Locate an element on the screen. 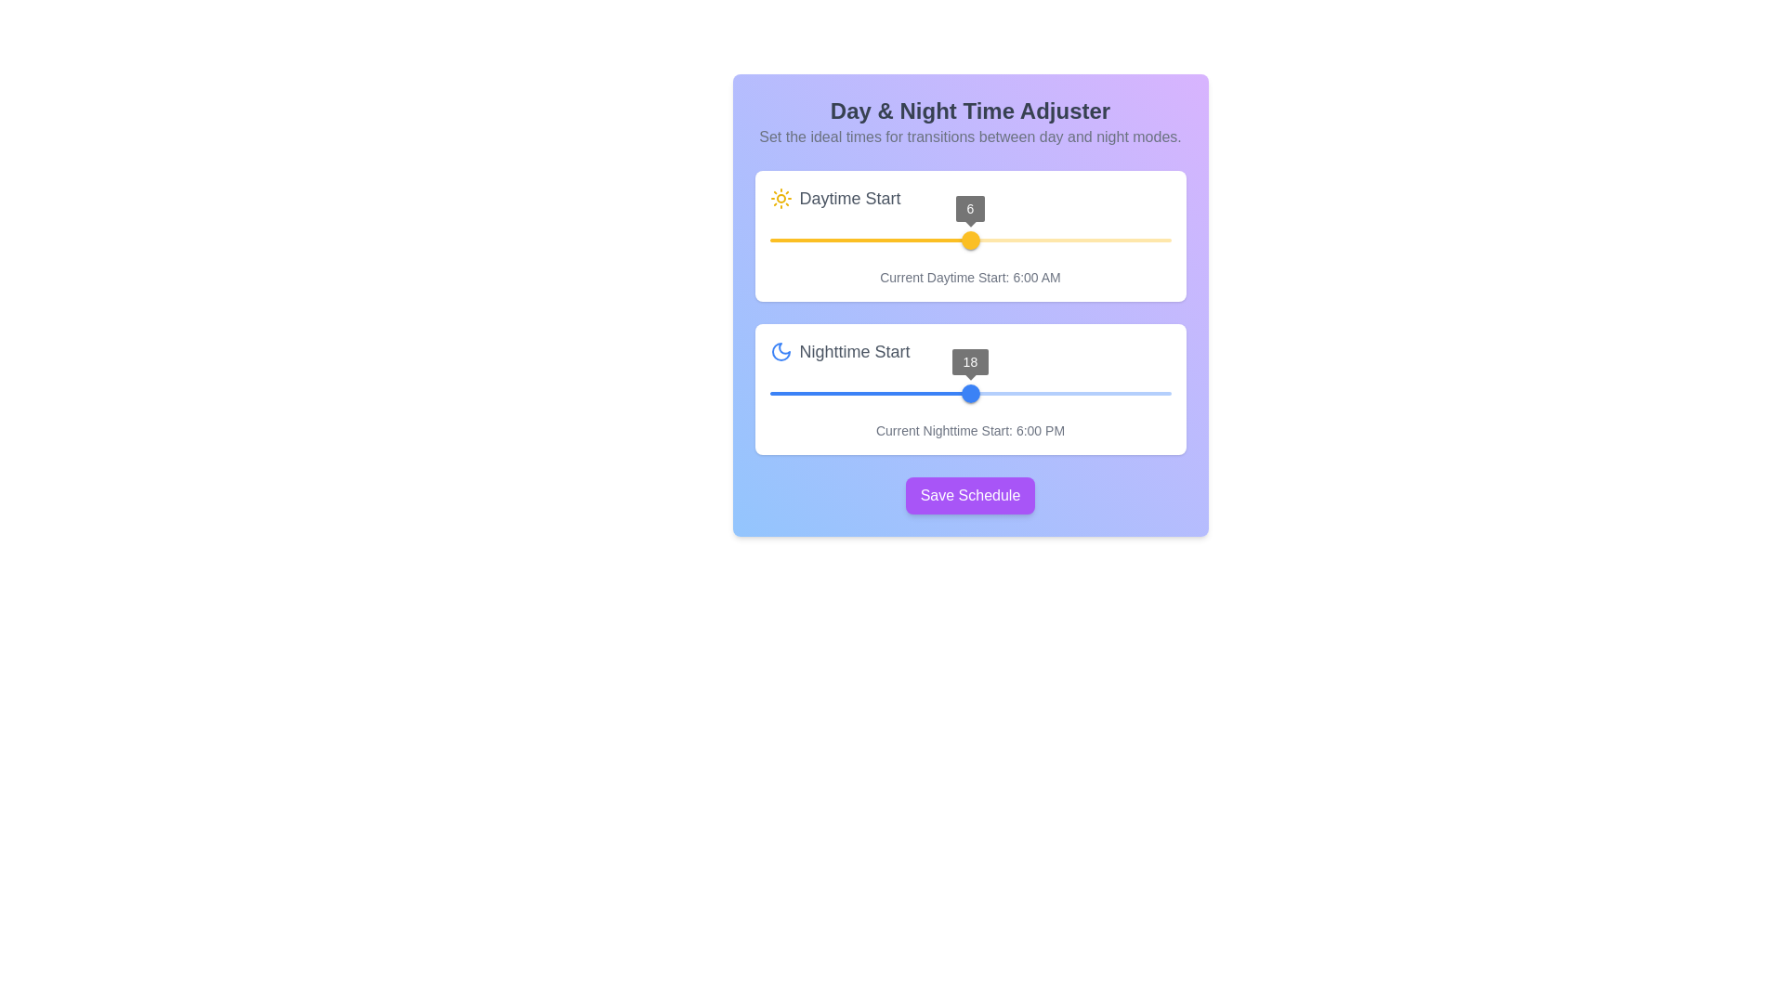  nighttime start hour is located at coordinates (835, 393).